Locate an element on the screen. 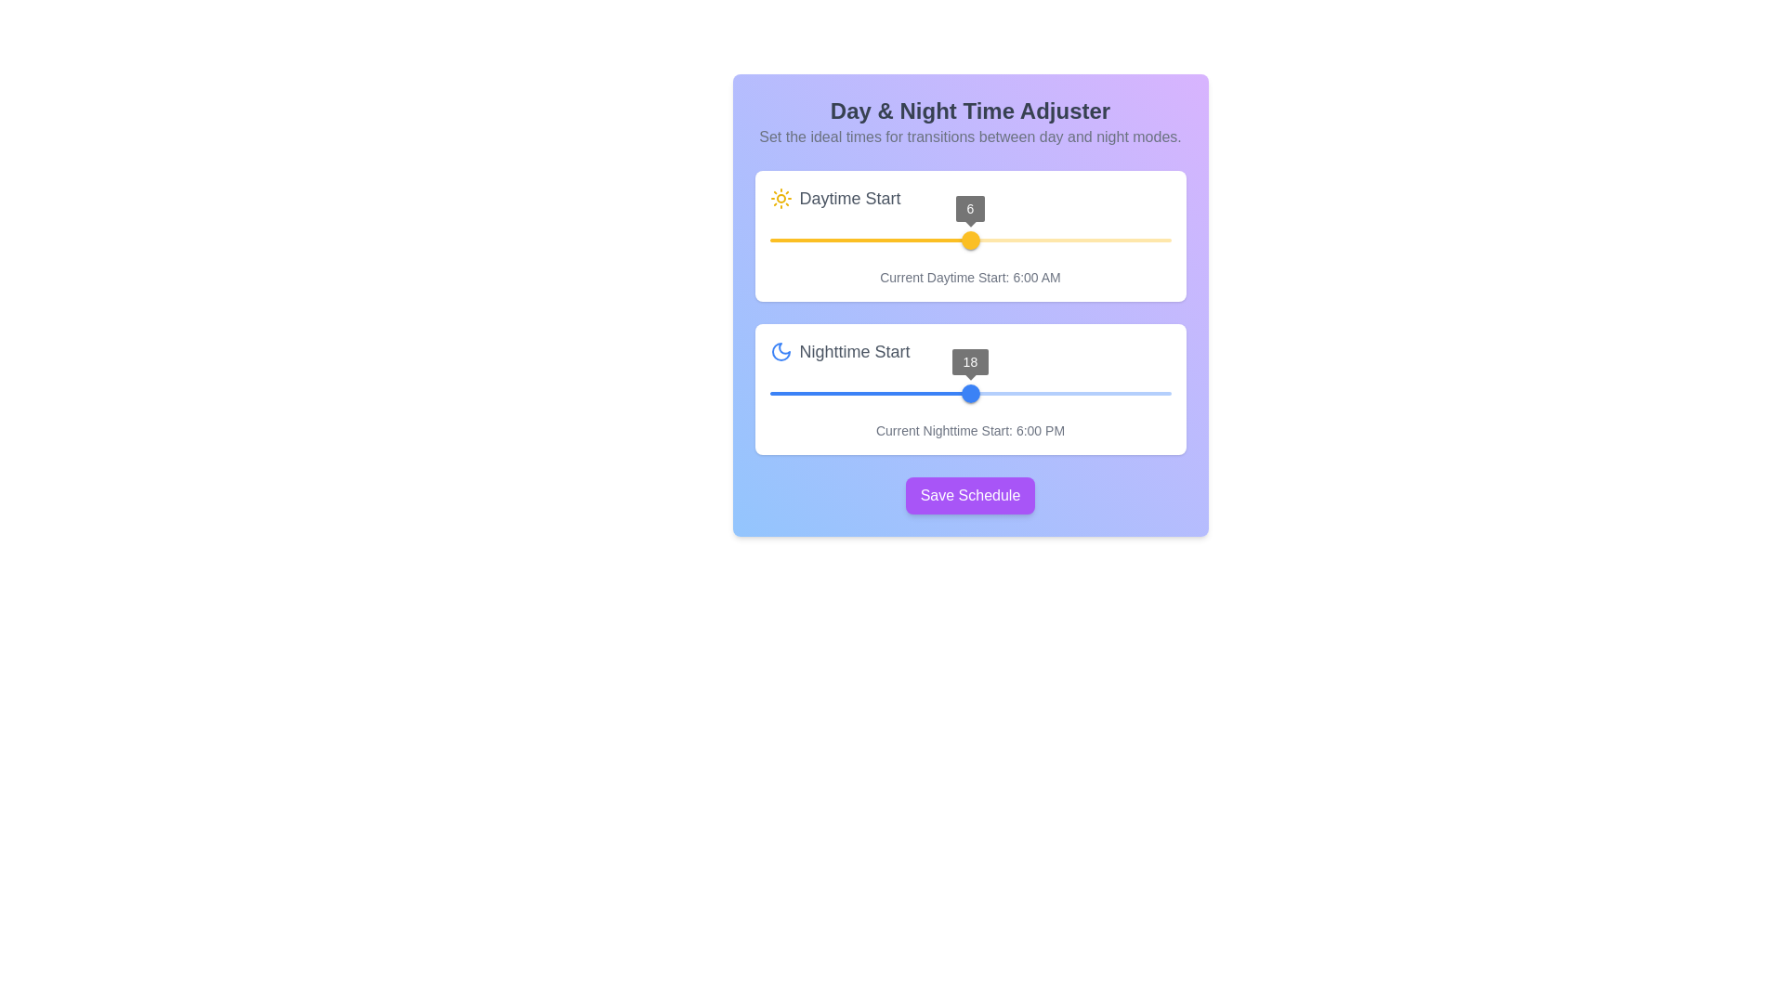  nighttime start hour is located at coordinates (835, 393).